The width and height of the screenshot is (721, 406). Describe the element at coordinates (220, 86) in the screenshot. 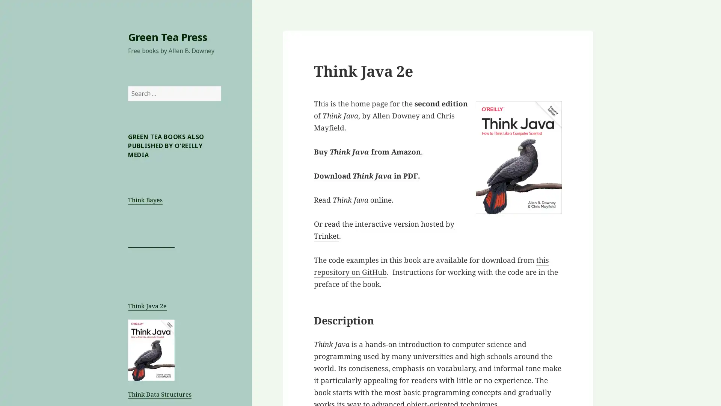

I see `Search` at that location.